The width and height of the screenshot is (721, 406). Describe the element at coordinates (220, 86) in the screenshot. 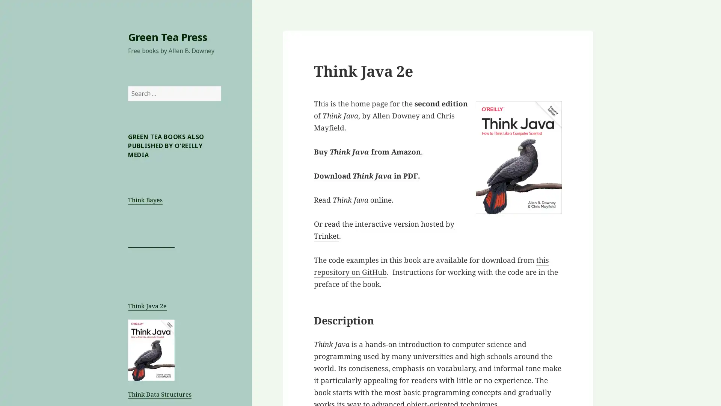

I see `Search` at that location.